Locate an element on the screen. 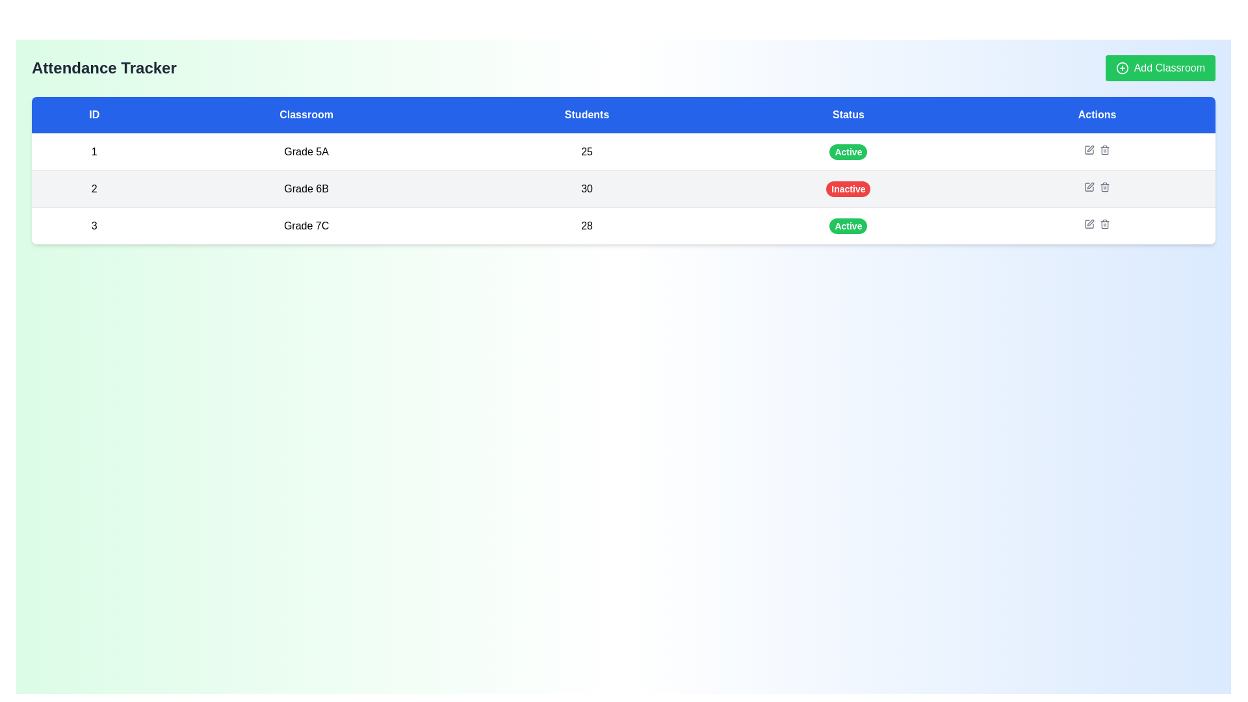 The height and width of the screenshot is (702, 1248). the 'Add Classroom' button which contains the Icon (SVG graphic) on its left side, indicating the addition functionality is located at coordinates (1121, 68).